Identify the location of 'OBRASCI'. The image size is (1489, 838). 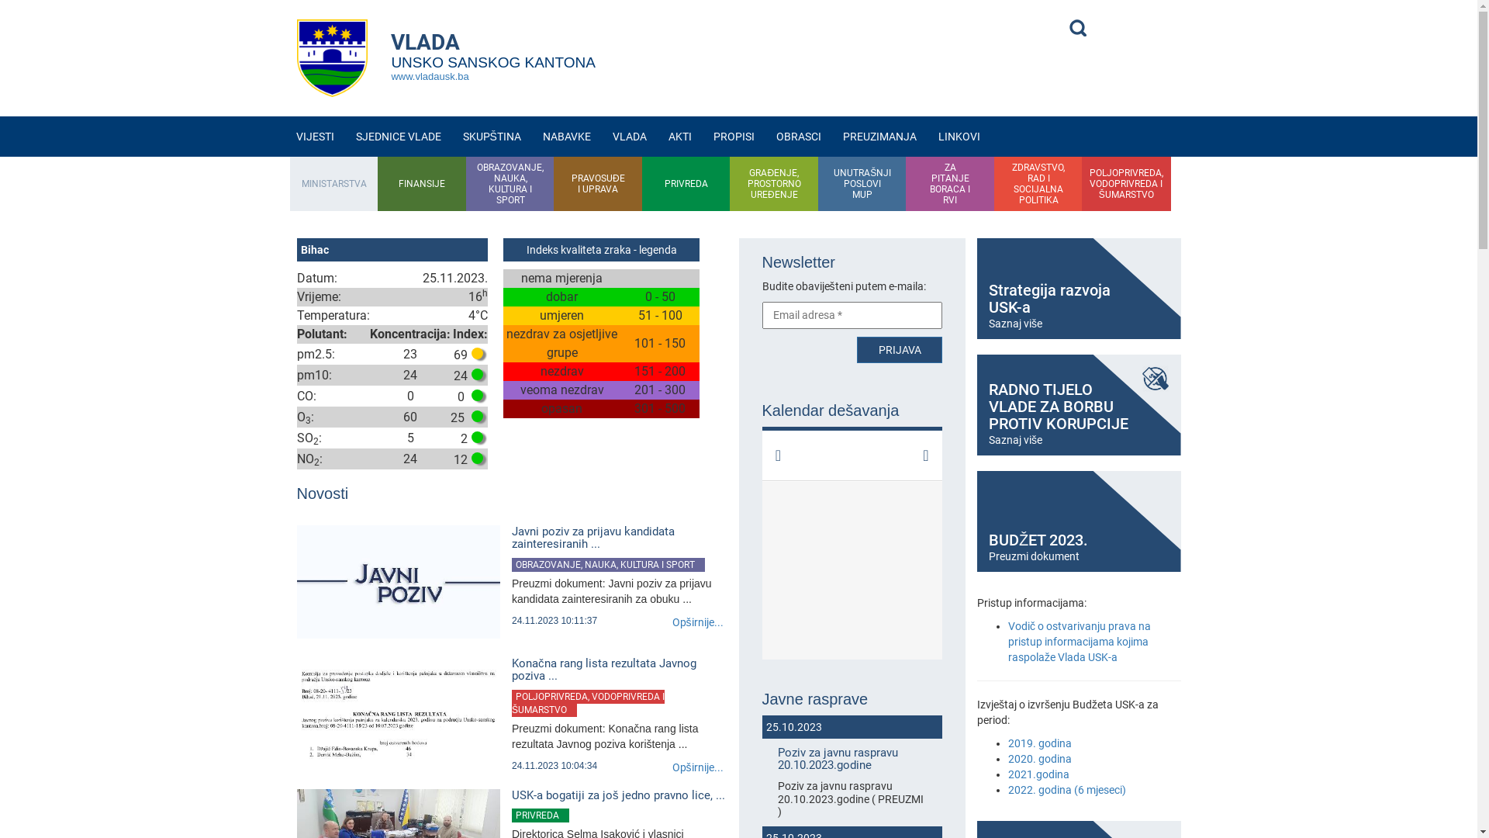
(765, 136).